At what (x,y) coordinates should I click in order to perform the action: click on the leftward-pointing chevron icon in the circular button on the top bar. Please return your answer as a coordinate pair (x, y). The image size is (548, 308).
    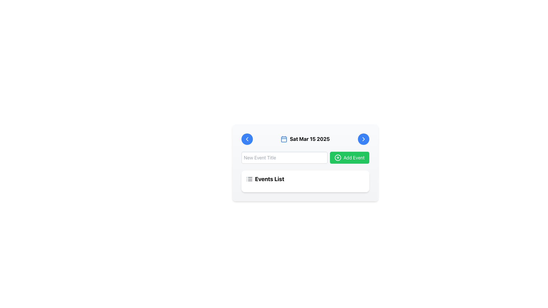
    Looking at the image, I should click on (247, 139).